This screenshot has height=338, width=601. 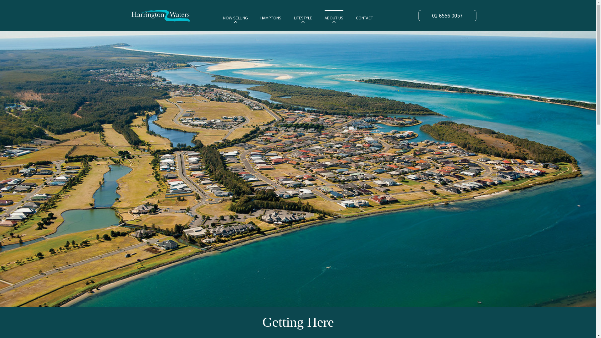 I want to click on 'LIFESTYLE', so click(x=303, y=17).